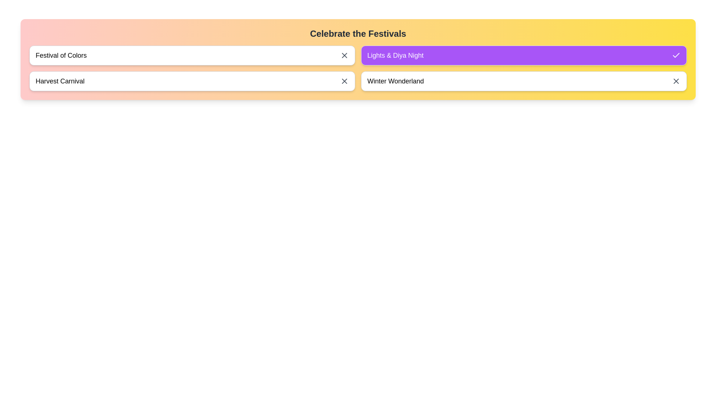  What do you see at coordinates (192, 55) in the screenshot?
I see `the chip labeled Festival of Colors` at bounding box center [192, 55].